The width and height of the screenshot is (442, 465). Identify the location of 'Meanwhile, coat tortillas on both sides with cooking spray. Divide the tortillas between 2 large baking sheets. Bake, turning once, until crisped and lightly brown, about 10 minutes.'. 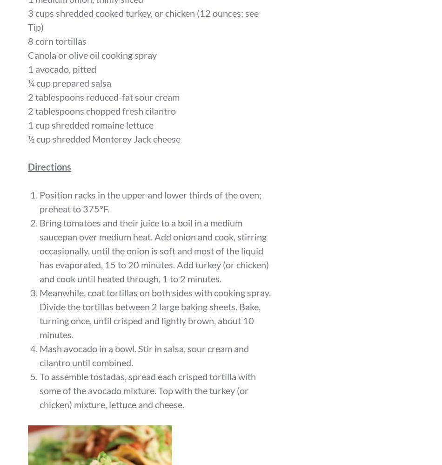
(40, 312).